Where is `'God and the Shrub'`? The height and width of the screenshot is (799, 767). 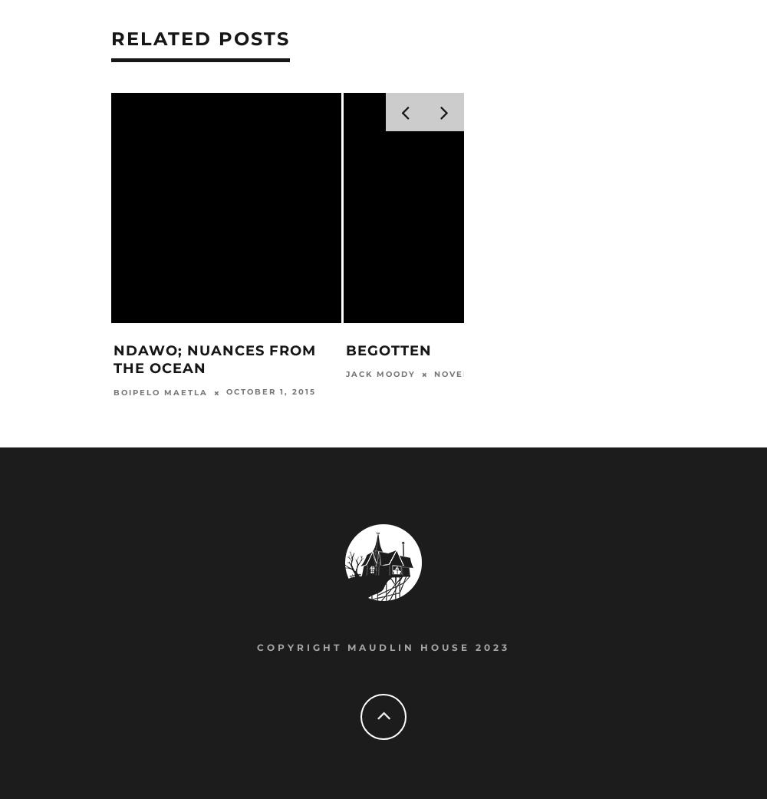 'God and the Shrub' is located at coordinates (663, 351).